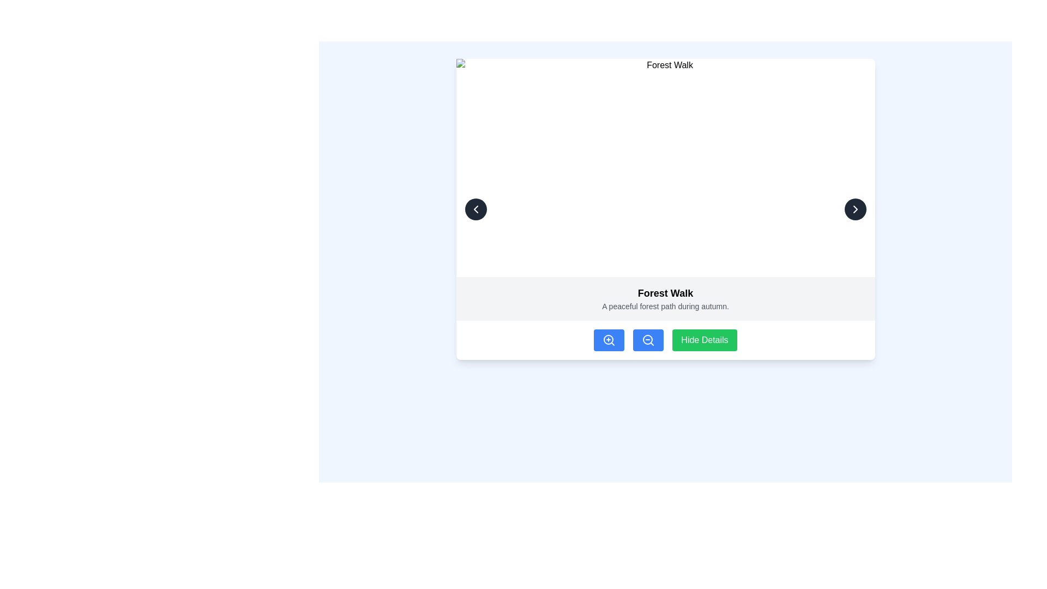 This screenshot has height=589, width=1047. I want to click on the Chevron icon in the circular button, so click(855, 209).